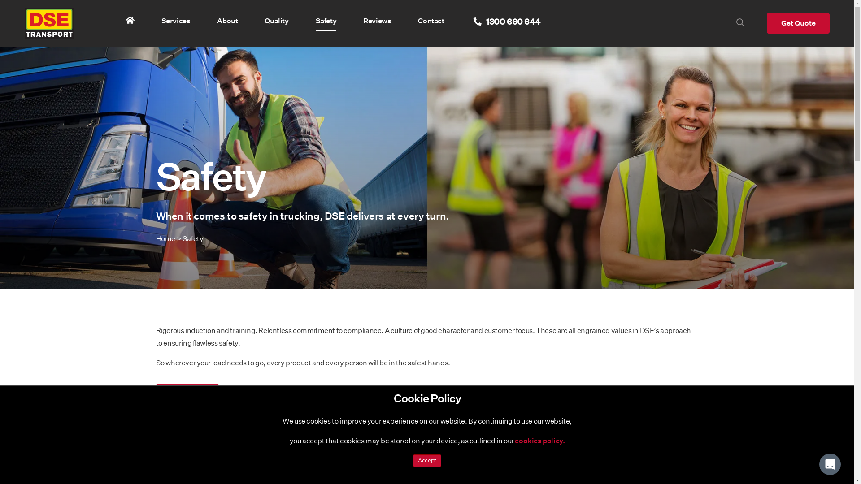 This screenshot has width=861, height=484. I want to click on 'Reviews', so click(377, 20).